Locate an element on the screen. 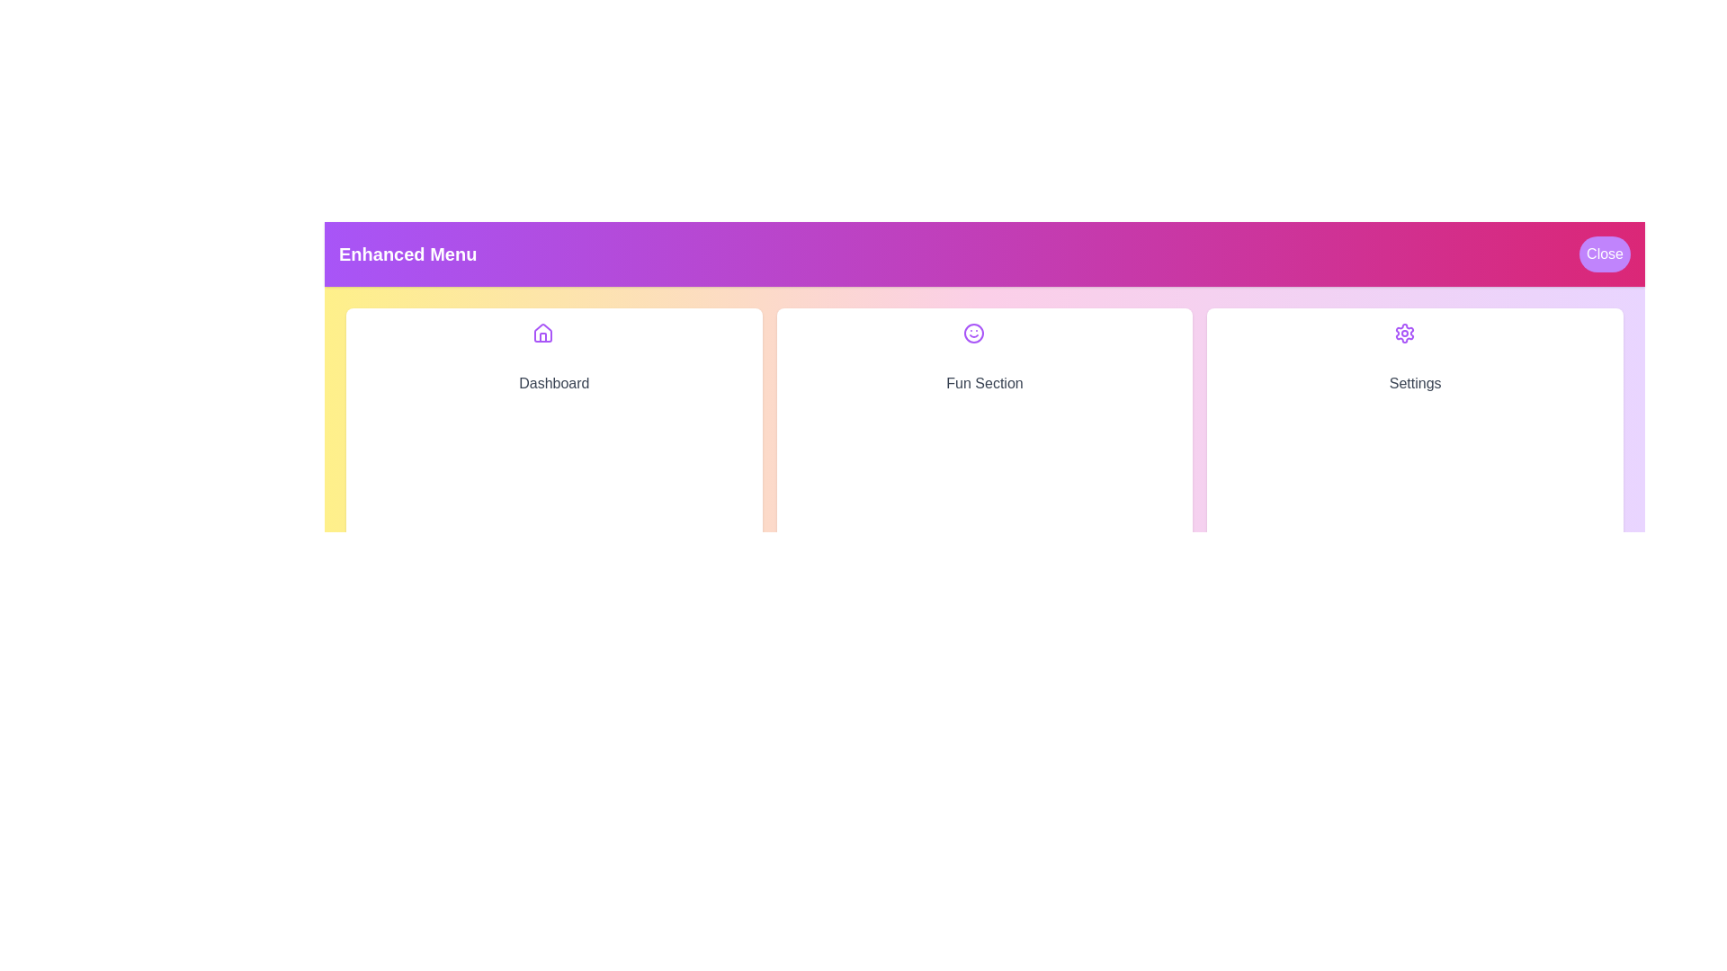 The width and height of the screenshot is (1727, 971). the 'Close' button to toggle the menu's visibility is located at coordinates (1605, 254).